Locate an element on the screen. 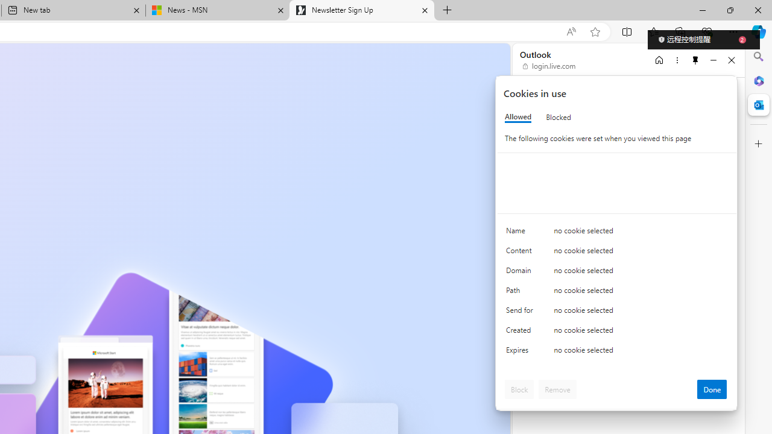 This screenshot has height=434, width=772. 'login.live.com' is located at coordinates (549, 66).